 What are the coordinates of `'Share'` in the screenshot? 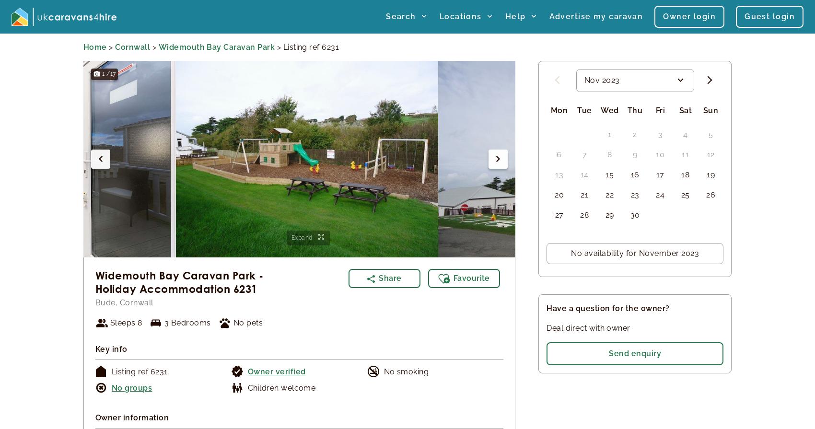 It's located at (378, 278).